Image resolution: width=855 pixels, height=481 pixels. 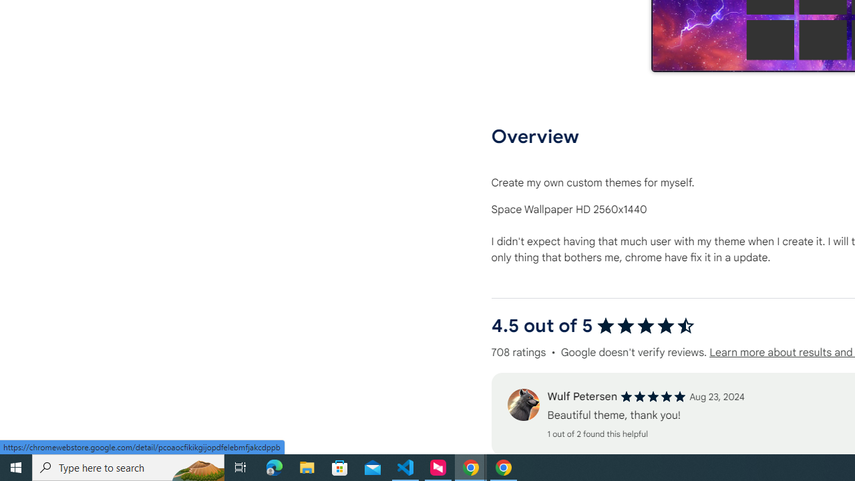 What do you see at coordinates (645, 326) in the screenshot?
I see `'4.5 out of 5 stars'` at bounding box center [645, 326].